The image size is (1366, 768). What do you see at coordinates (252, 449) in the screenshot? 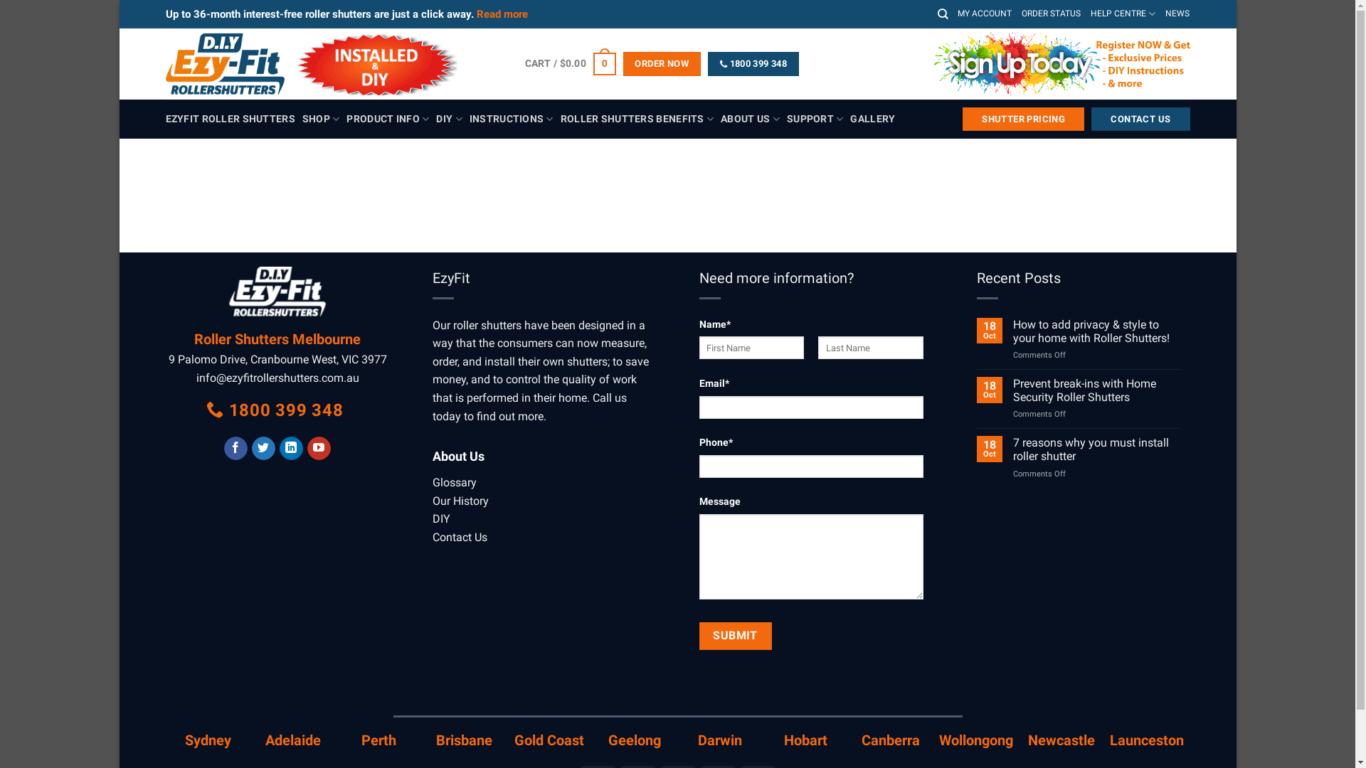
I see `'Follow on Twitter'` at bounding box center [252, 449].